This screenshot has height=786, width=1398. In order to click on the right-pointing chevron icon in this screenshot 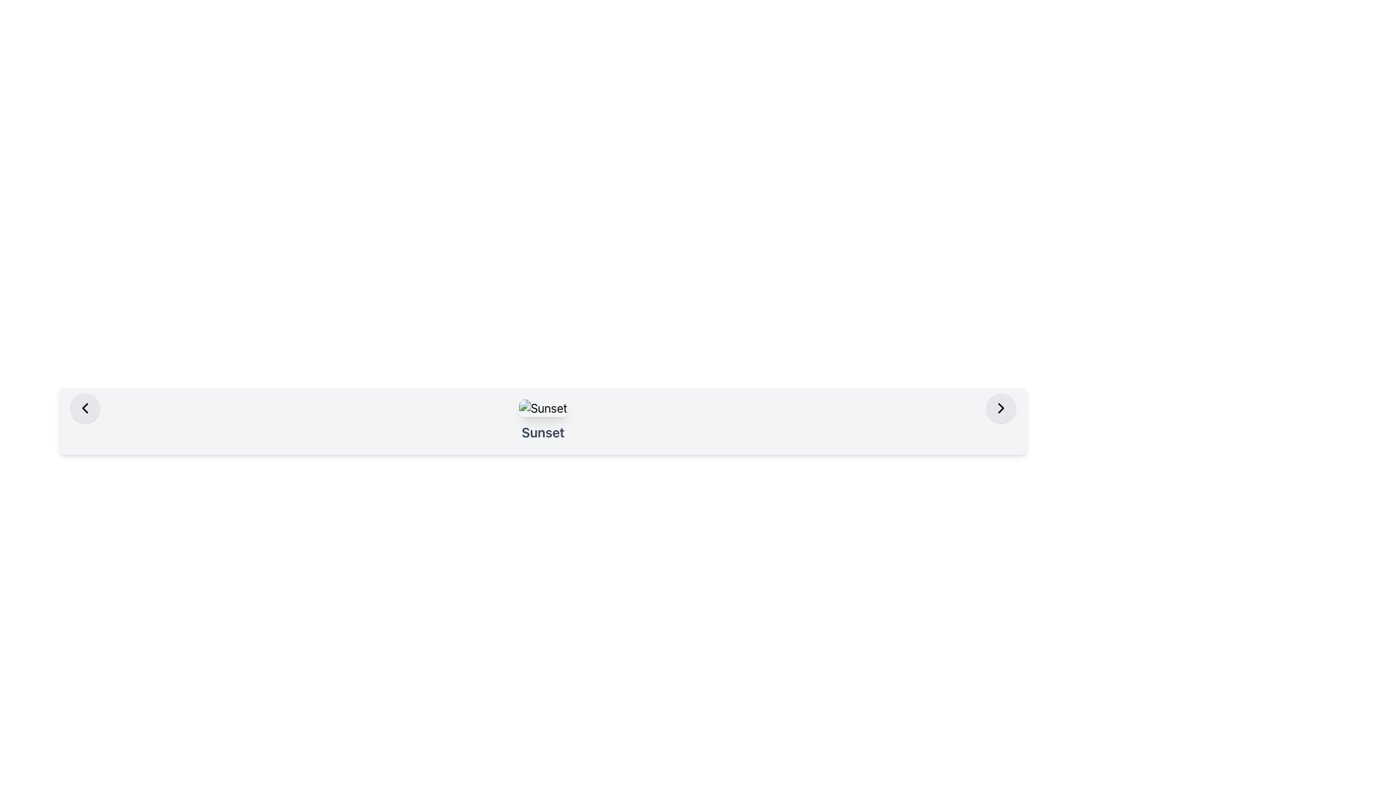, I will do `click(1000, 408)`.